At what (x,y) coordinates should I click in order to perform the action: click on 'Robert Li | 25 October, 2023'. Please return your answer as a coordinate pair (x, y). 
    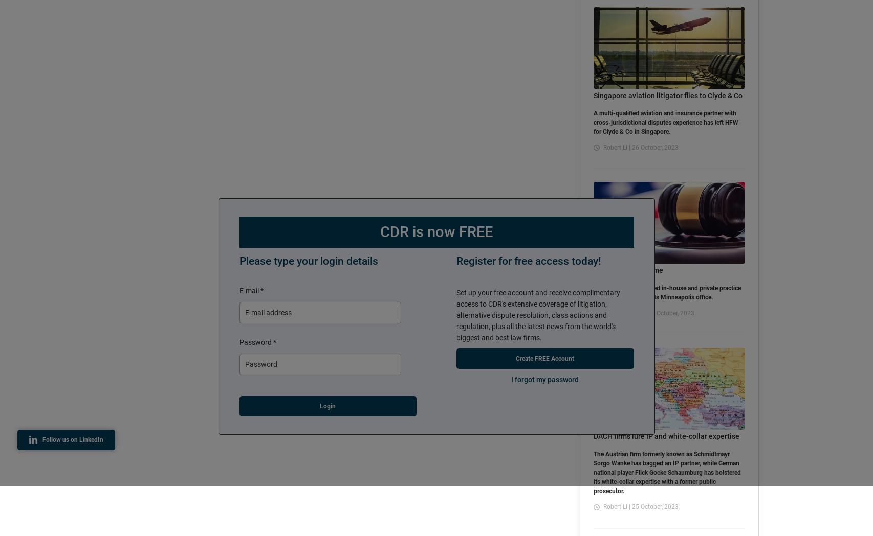
    Looking at the image, I should click on (640, 506).